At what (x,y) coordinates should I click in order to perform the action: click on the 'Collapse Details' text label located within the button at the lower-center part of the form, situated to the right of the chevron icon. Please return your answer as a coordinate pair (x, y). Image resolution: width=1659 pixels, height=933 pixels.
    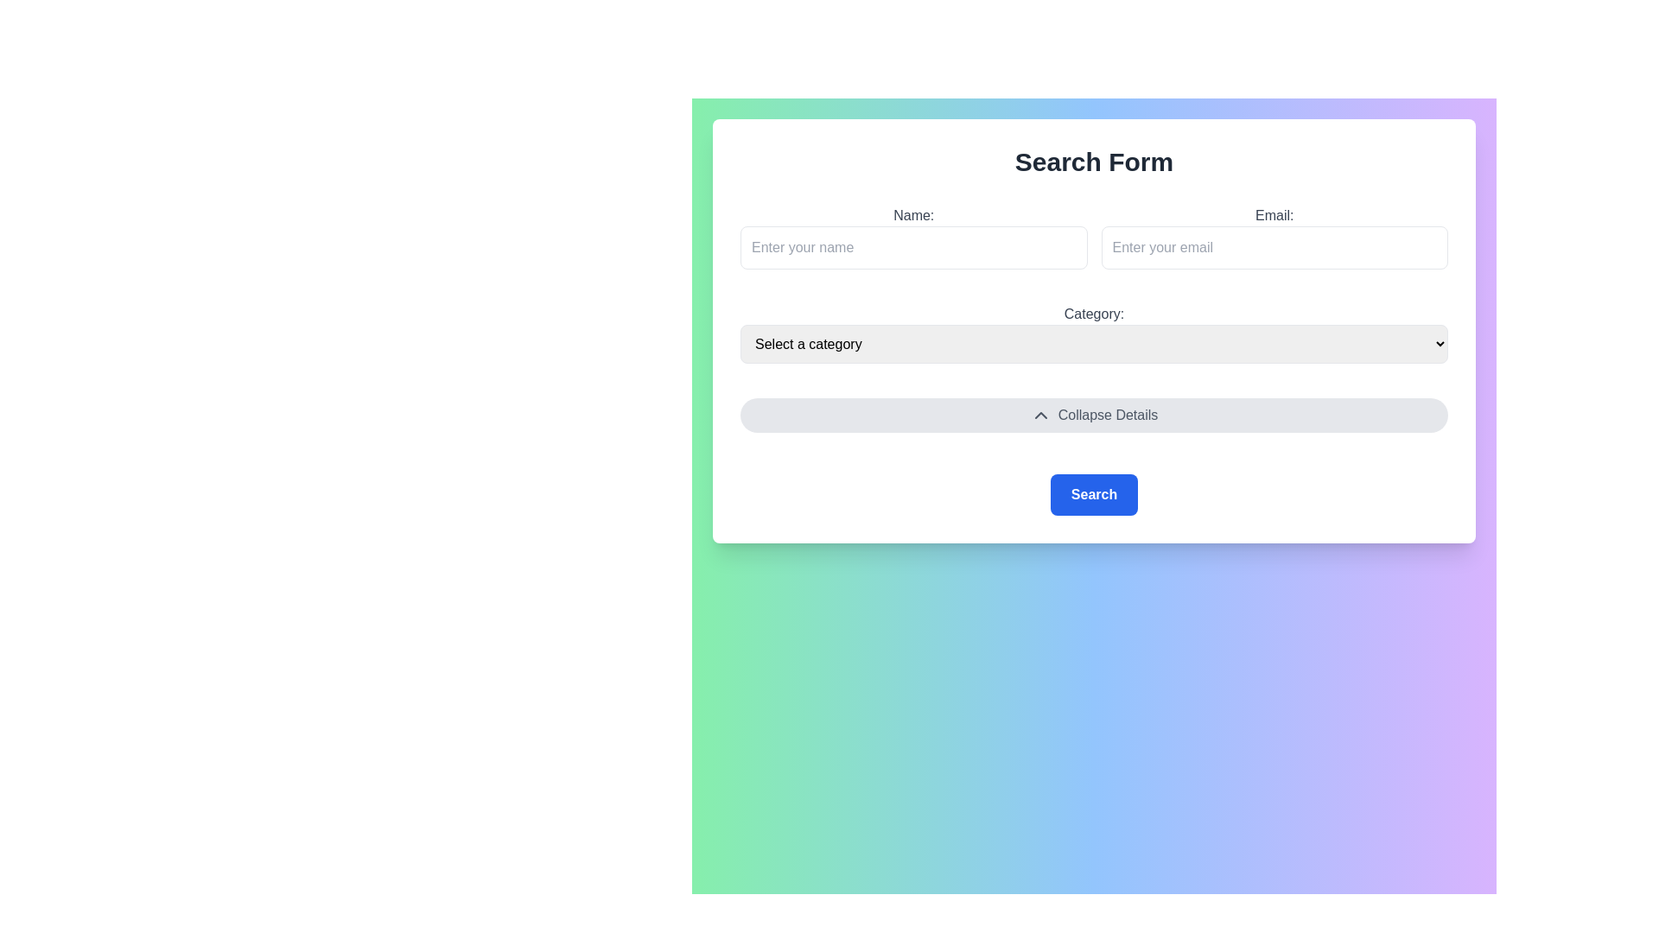
    Looking at the image, I should click on (1108, 416).